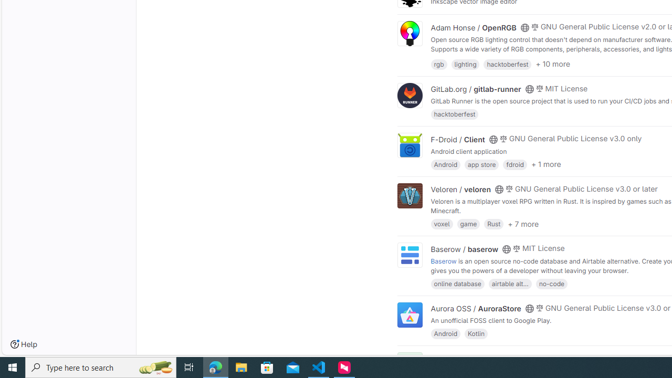 The height and width of the screenshot is (378, 672). I want to click on 'Veloren / veloren', so click(461, 190).